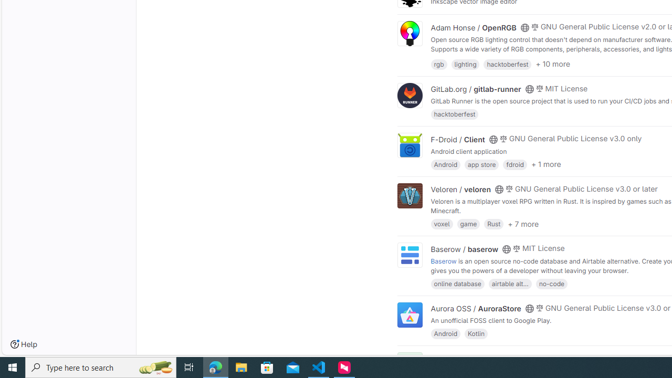 The height and width of the screenshot is (378, 672). I want to click on 'Veloren / veloren', so click(461, 190).